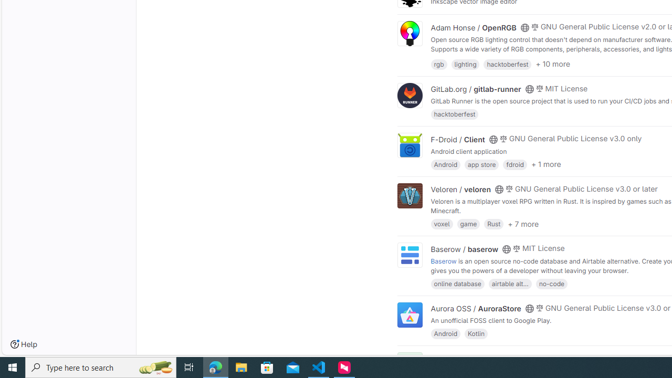 The height and width of the screenshot is (378, 672). I want to click on 'Veloren / veloren', so click(461, 190).